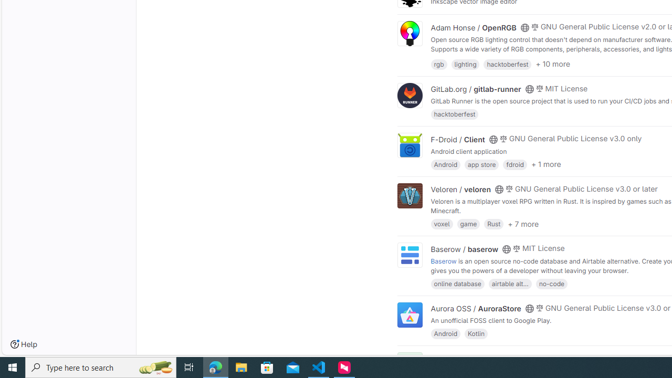 The height and width of the screenshot is (378, 672). I want to click on 'Veloren / veloren', so click(461, 190).